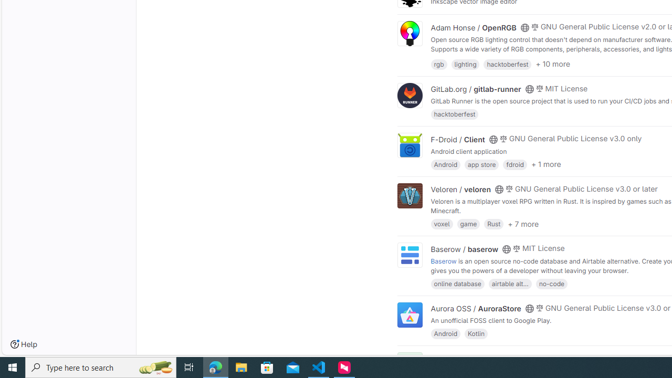 The height and width of the screenshot is (378, 672). I want to click on 'Veloren / veloren', so click(461, 190).